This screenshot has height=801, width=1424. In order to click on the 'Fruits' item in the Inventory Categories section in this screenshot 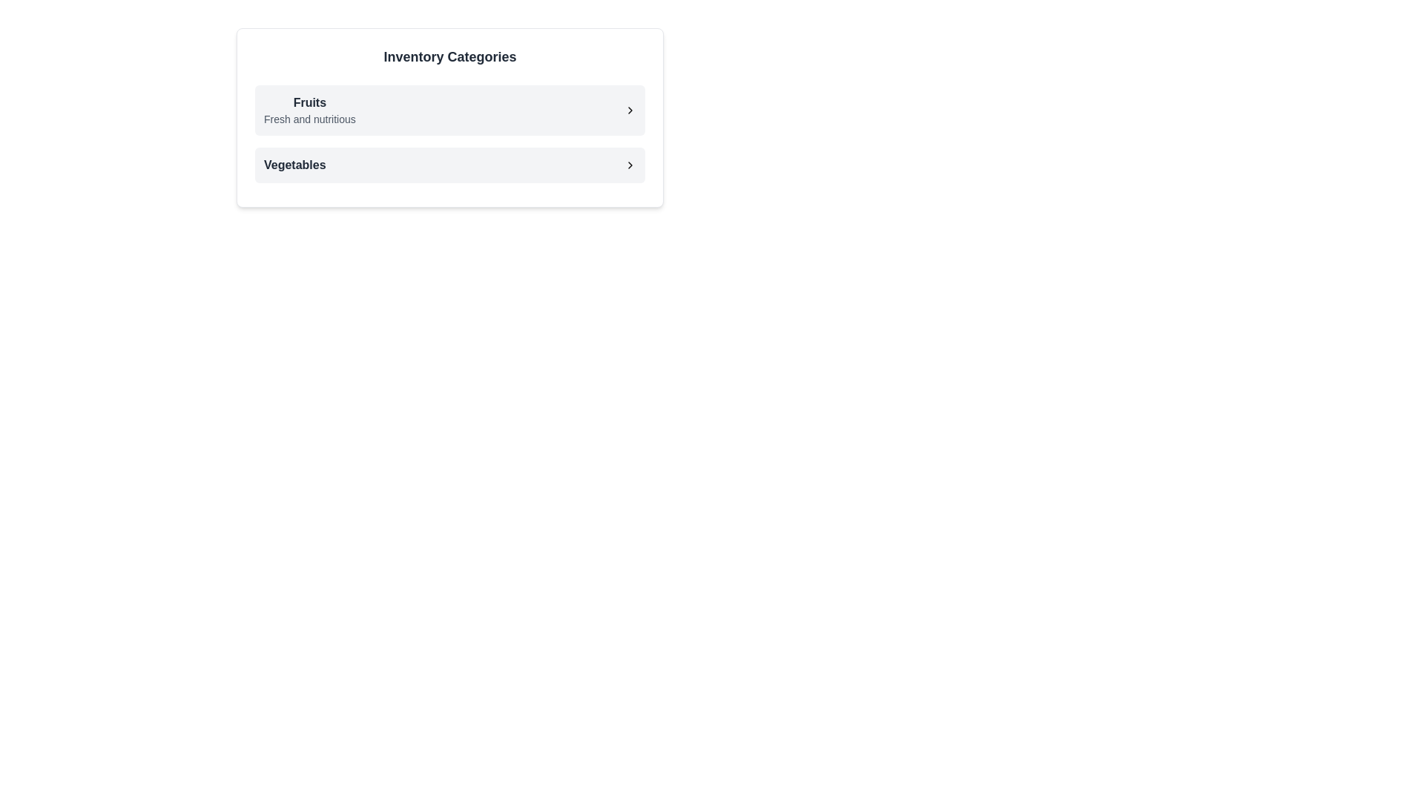, I will do `click(449, 134)`.